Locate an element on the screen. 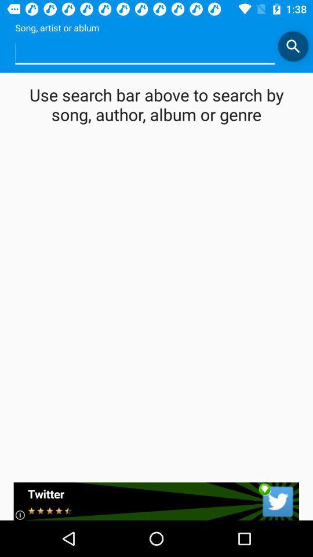  advertisement link is located at coordinates (156, 501).